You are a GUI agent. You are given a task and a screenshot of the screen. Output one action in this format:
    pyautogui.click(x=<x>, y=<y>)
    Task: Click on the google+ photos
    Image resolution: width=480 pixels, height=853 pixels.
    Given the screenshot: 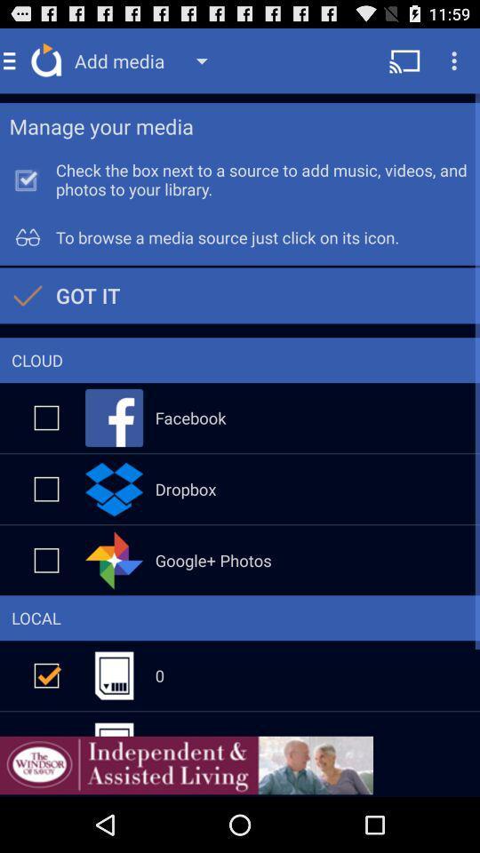 What is the action you would take?
    pyautogui.click(x=46, y=559)
    